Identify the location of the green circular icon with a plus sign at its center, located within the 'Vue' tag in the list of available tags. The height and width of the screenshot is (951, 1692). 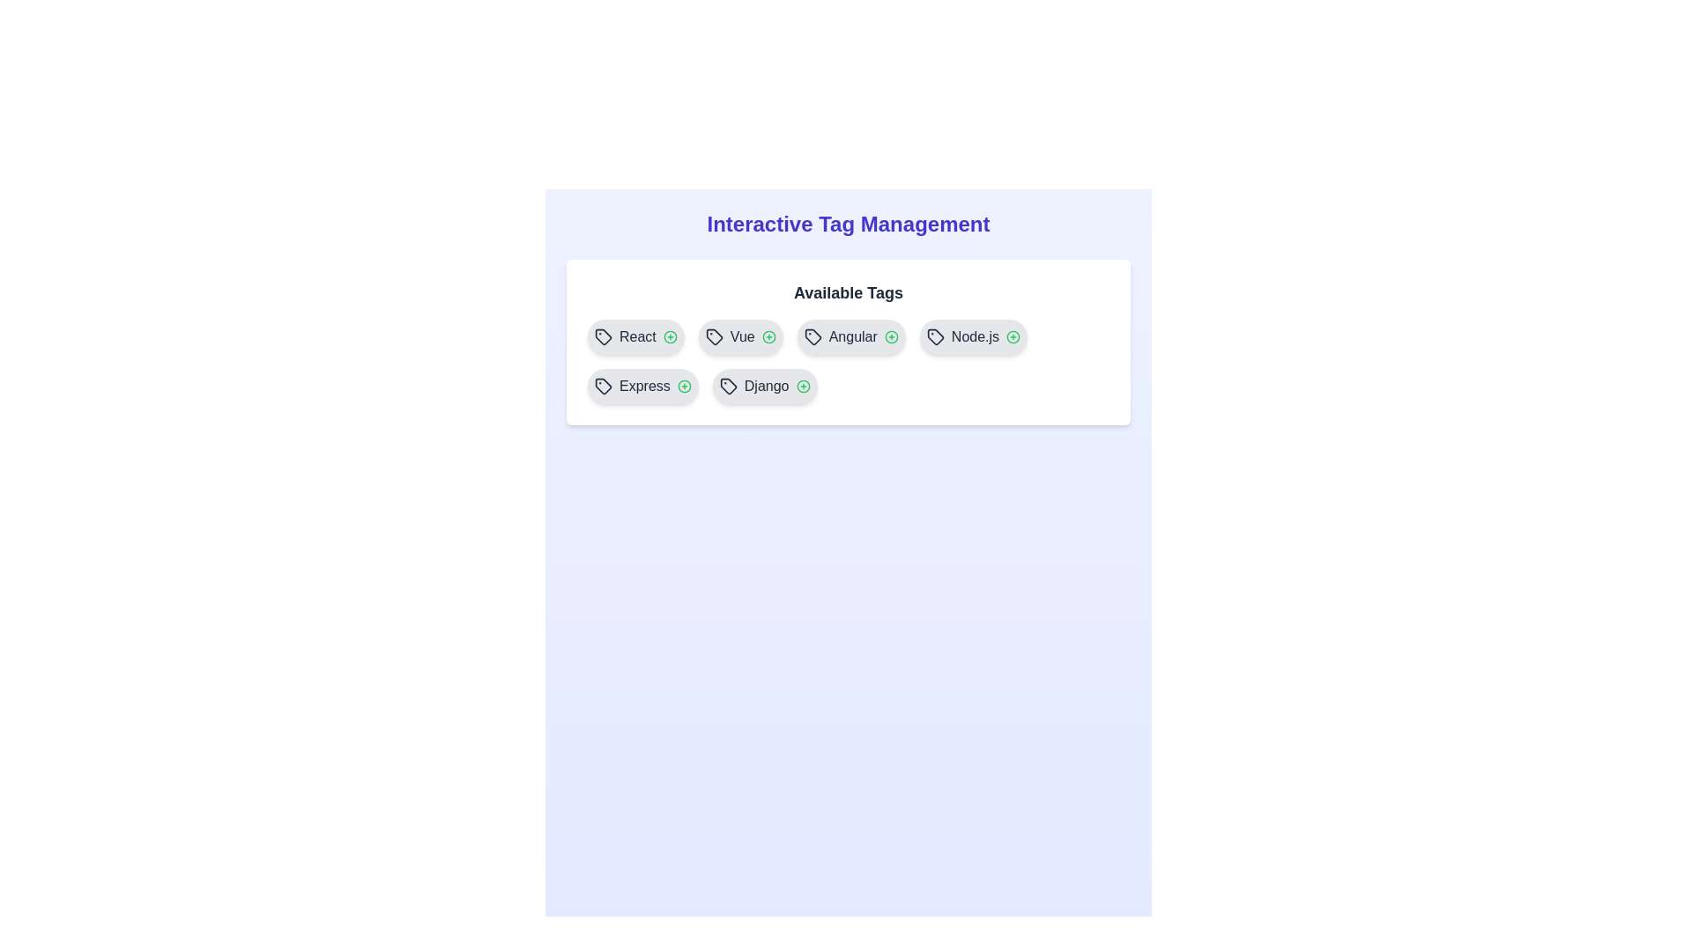
(768, 336).